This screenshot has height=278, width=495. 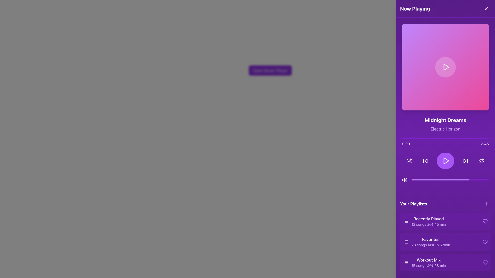 I want to click on the circular button with a solid purple background and a triangular play icon, so click(x=445, y=160).